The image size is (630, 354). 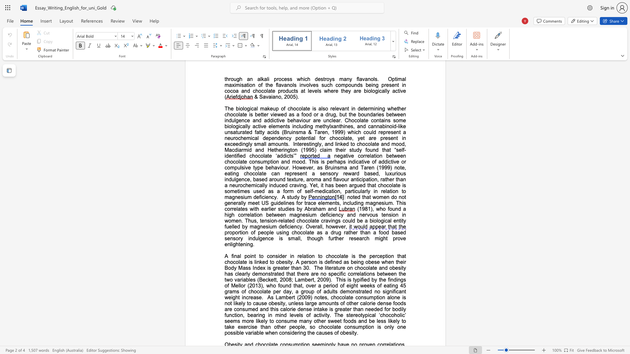 What do you see at coordinates (280, 280) in the screenshot?
I see `the subset text "2008; L" within the text "that there are no specific correlations between the two variables (Beckett, 2008; Lambert, 2009)"` at bounding box center [280, 280].